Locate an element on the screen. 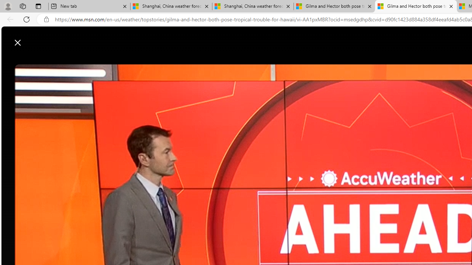  'Class: control icon-only' is located at coordinates (18, 42).